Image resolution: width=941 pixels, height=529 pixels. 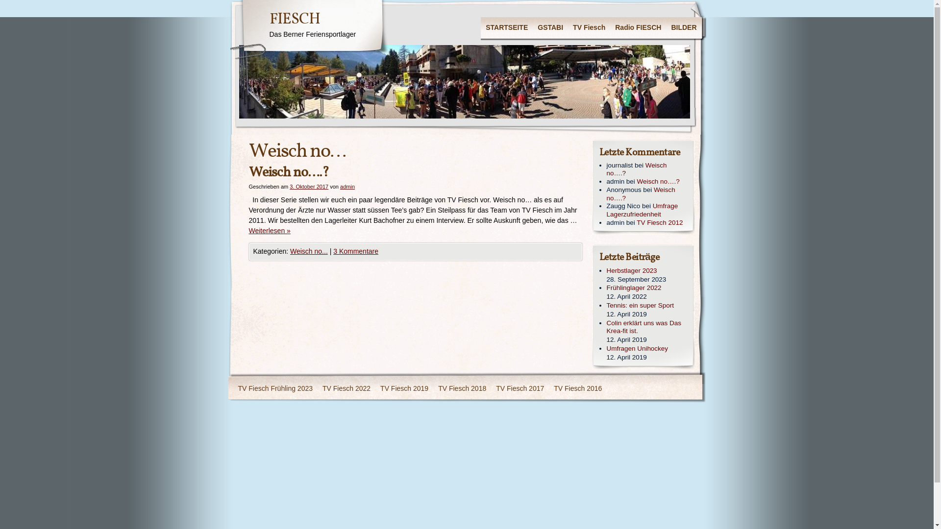 What do you see at coordinates (308, 186) in the screenshot?
I see `'3. Oktober 2017'` at bounding box center [308, 186].